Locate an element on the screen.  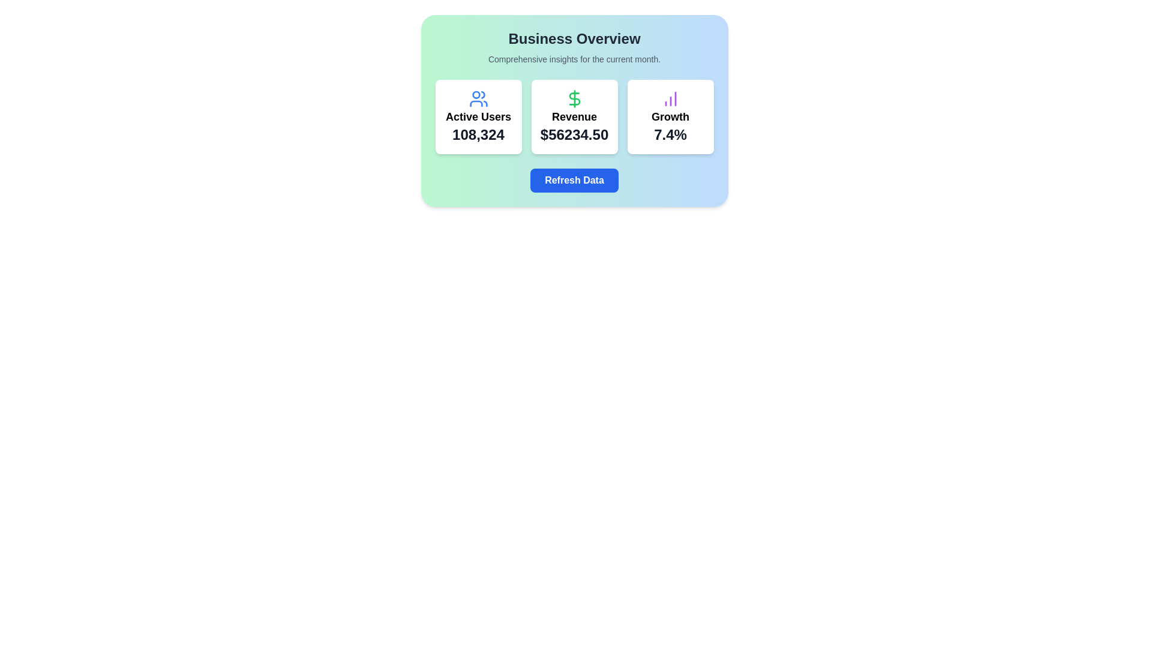
the informational display card that shows the total revenue value ($56234.50) labeled 'Revenue', which is the middle card in a grid layout is located at coordinates (574, 117).